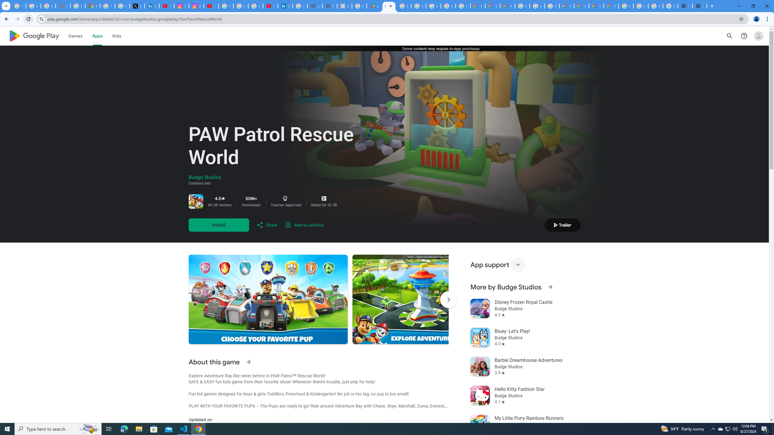 Image resolution: width=774 pixels, height=435 pixels. Describe the element at coordinates (373, 6) in the screenshot. I see `'Android Apps on Google Play'` at that location.